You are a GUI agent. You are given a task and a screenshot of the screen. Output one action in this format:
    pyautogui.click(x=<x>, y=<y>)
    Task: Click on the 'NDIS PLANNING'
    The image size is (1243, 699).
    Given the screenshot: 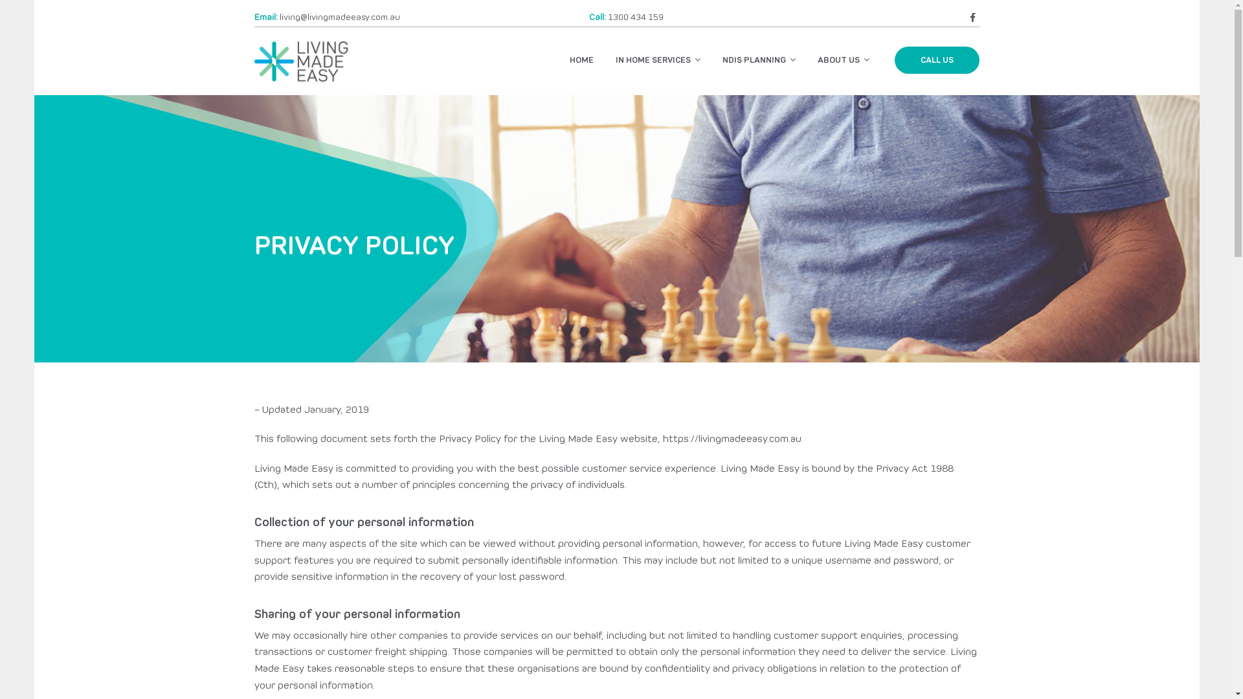 What is the action you would take?
    pyautogui.click(x=711, y=60)
    